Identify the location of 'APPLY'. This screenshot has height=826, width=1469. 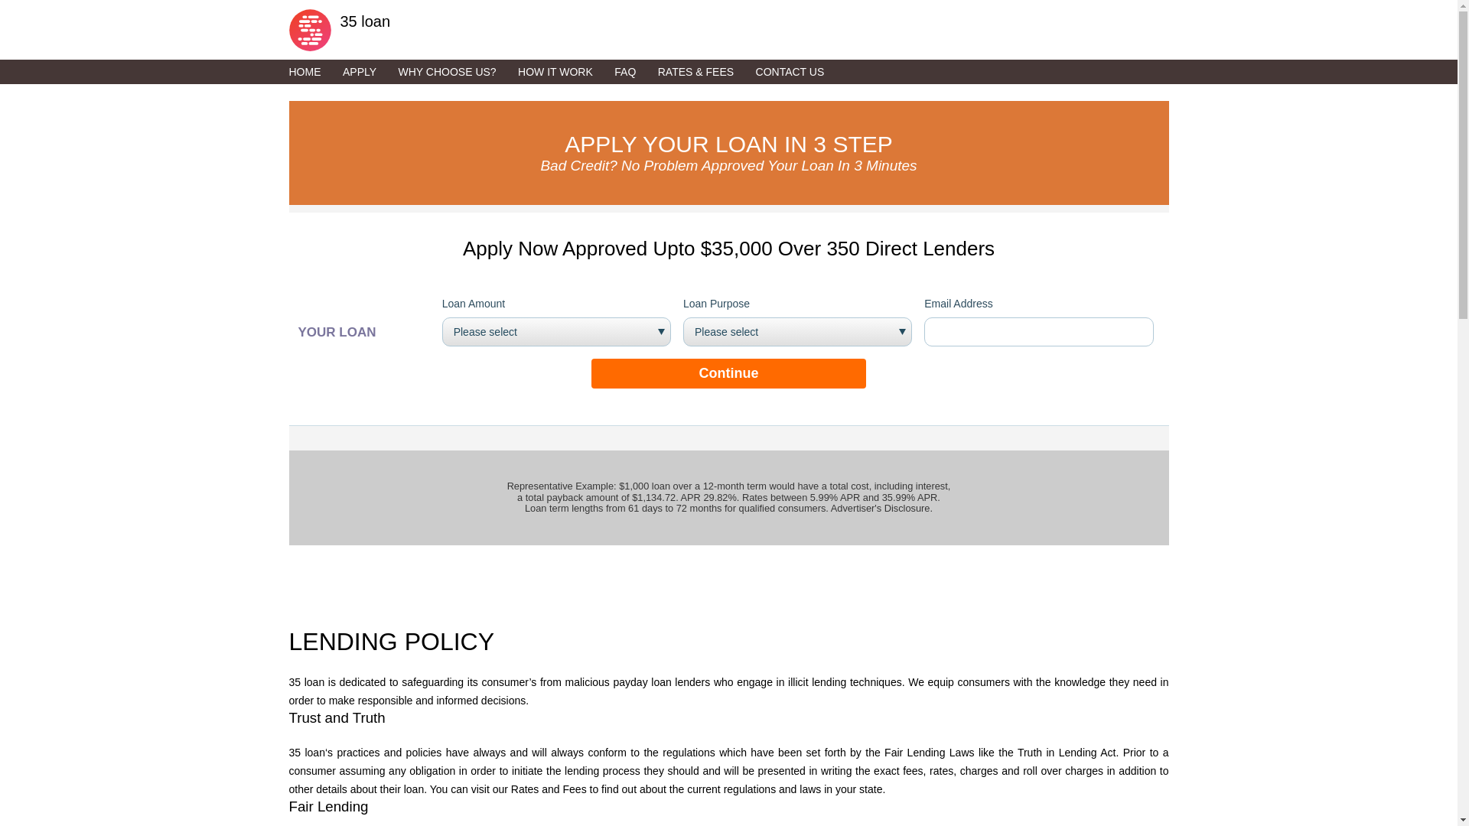
(368, 71).